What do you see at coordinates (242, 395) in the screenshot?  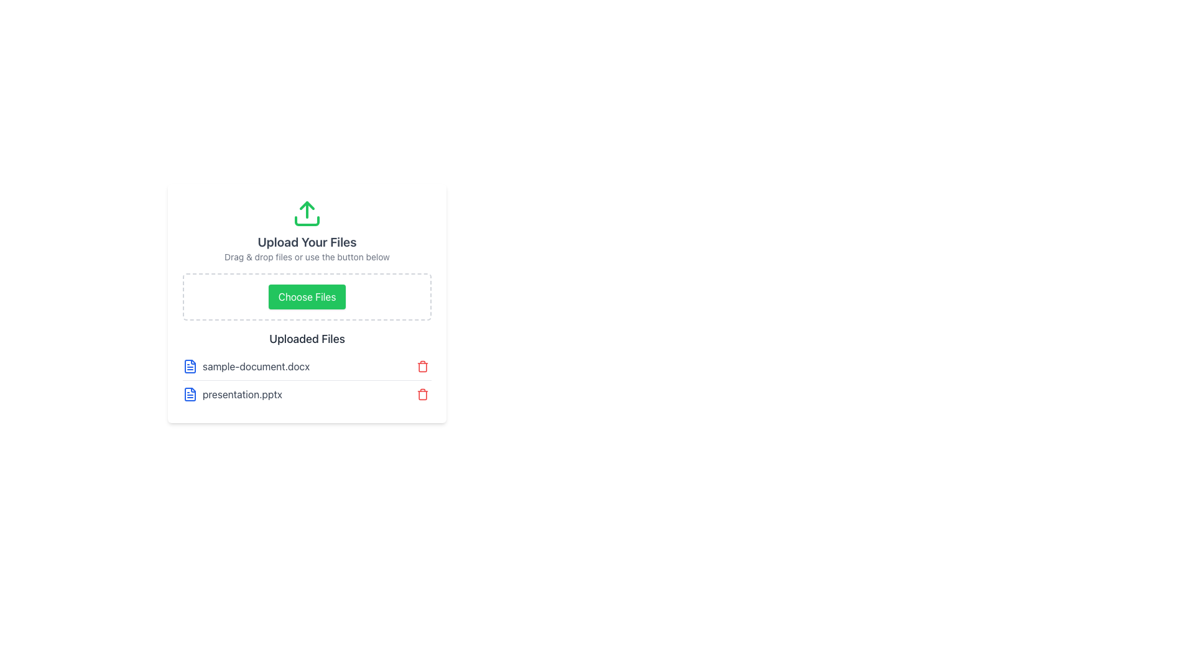 I see `the text label displaying the name of the uploaded file located` at bounding box center [242, 395].